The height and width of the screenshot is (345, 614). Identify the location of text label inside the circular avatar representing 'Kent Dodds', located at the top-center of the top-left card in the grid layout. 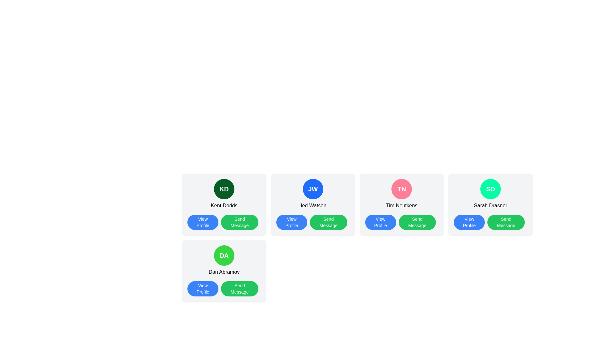
(224, 188).